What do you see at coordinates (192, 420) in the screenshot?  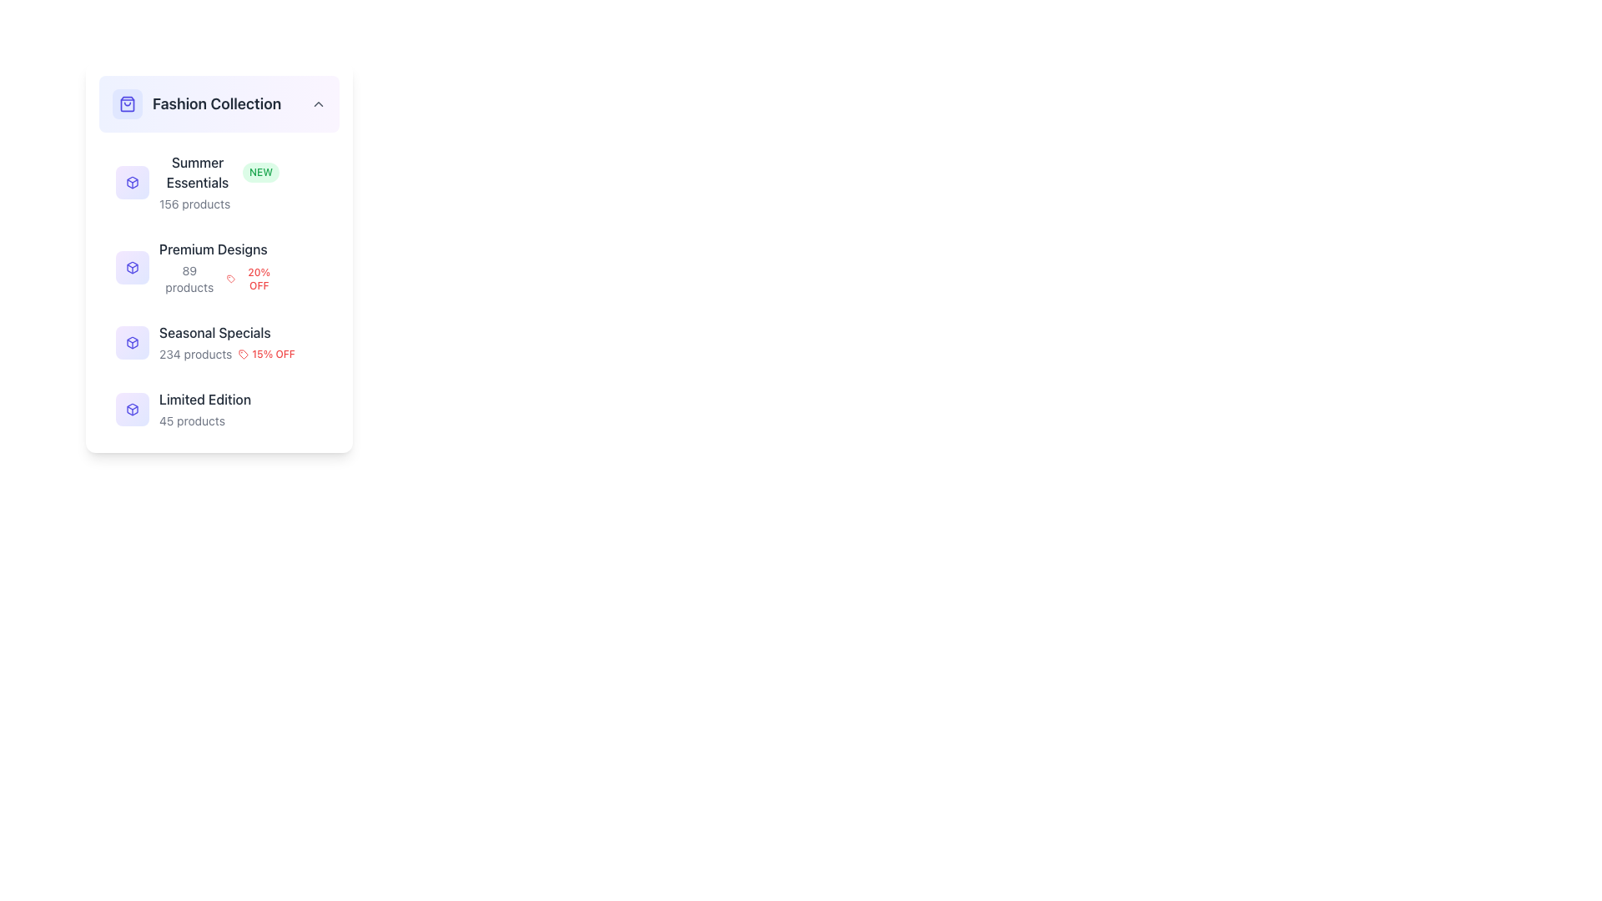 I see `numerical description of the number of products available in the 'Limited Edition' category, located towards the bottom of the 'Fashion Collection' list` at bounding box center [192, 420].